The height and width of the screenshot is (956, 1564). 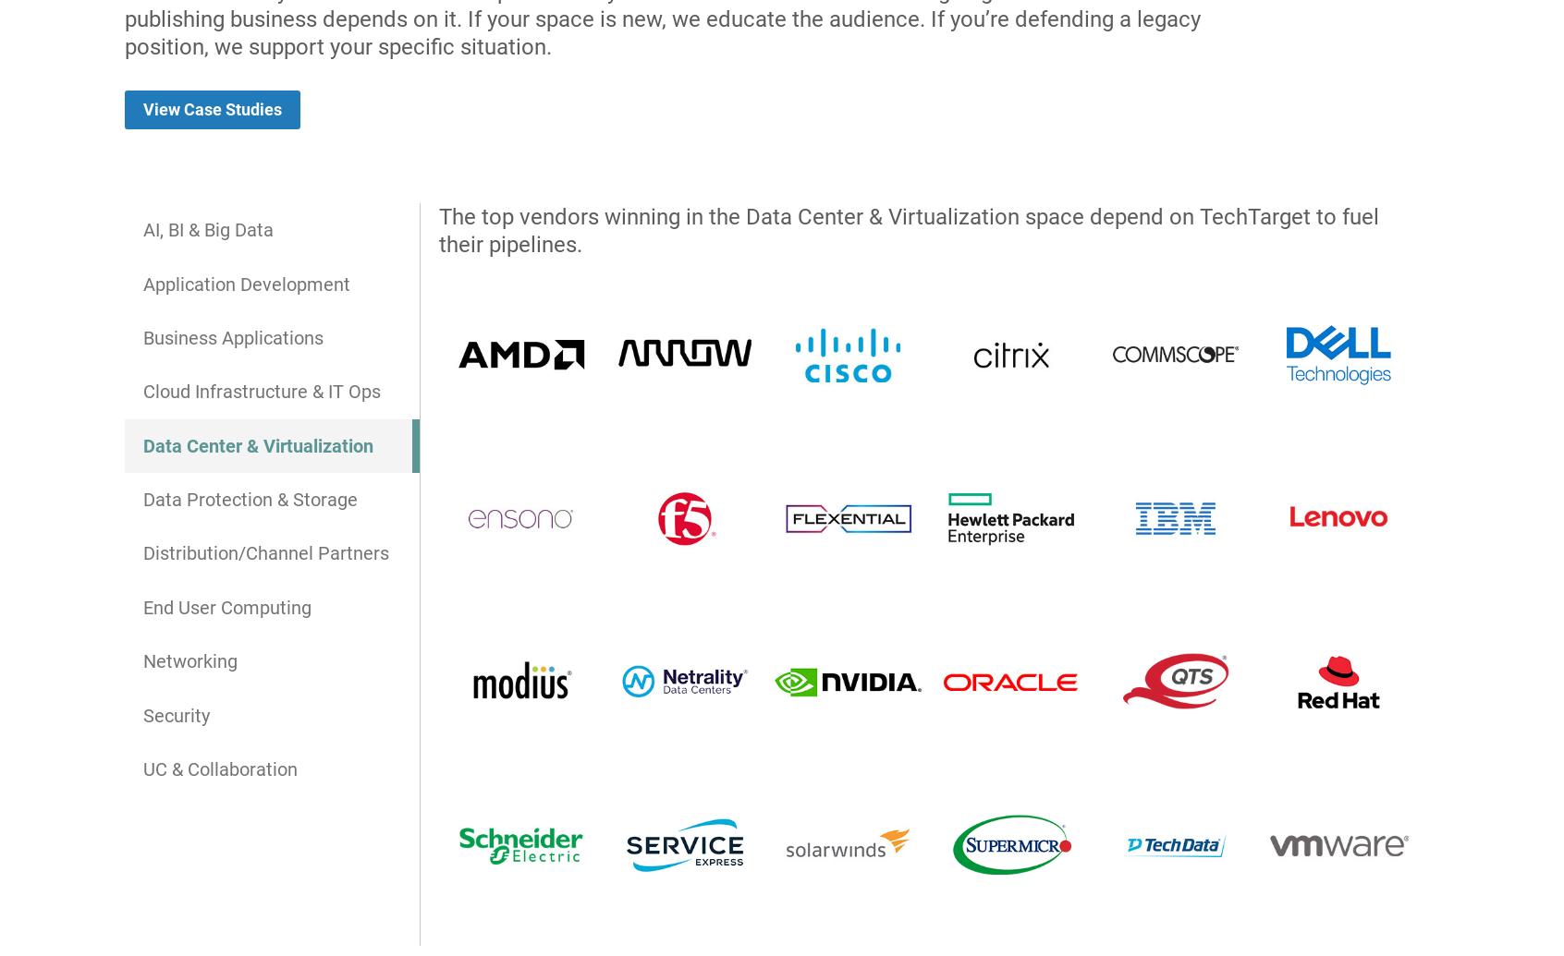 What do you see at coordinates (250, 498) in the screenshot?
I see `'Data Protection & Storage'` at bounding box center [250, 498].